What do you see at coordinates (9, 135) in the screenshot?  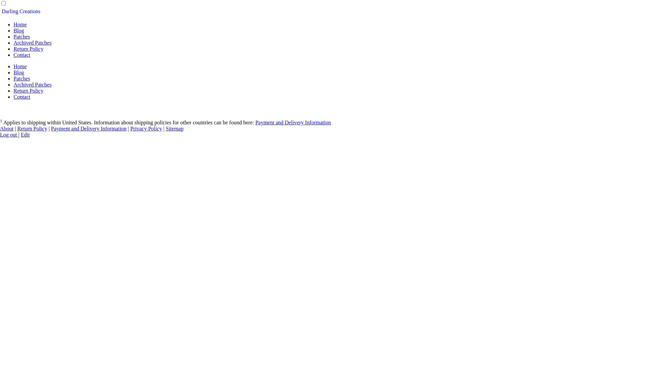 I see `'Log out'` at bounding box center [9, 135].